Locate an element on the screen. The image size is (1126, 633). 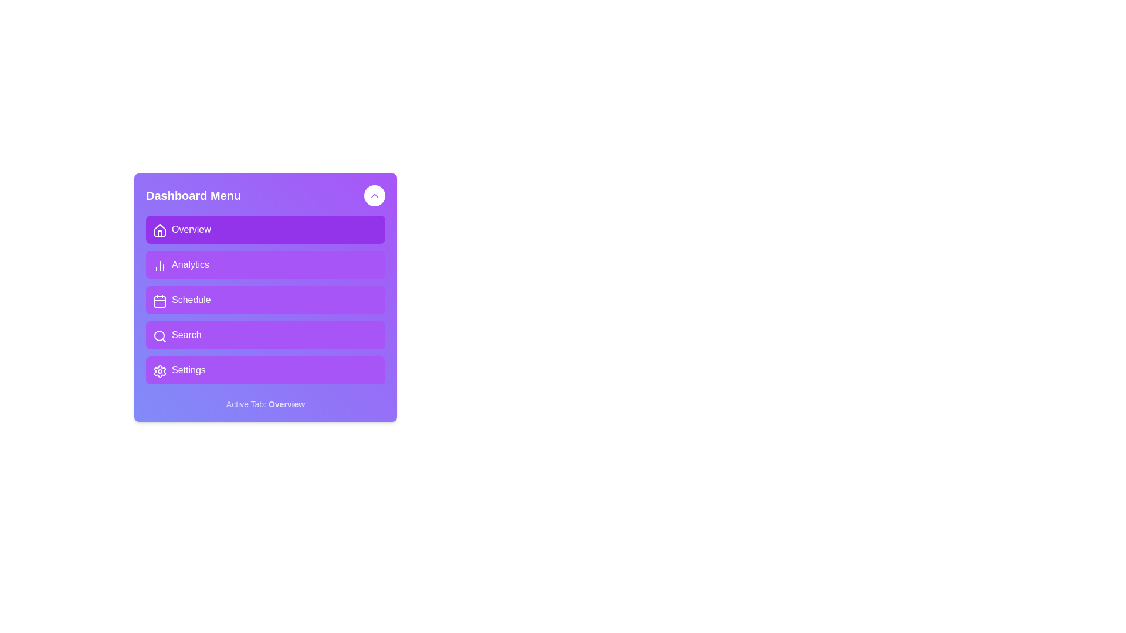
the home icon located to the left of the 'Overview' text in the 'Dashboard Menu' at the top of the list is located at coordinates (160, 230).